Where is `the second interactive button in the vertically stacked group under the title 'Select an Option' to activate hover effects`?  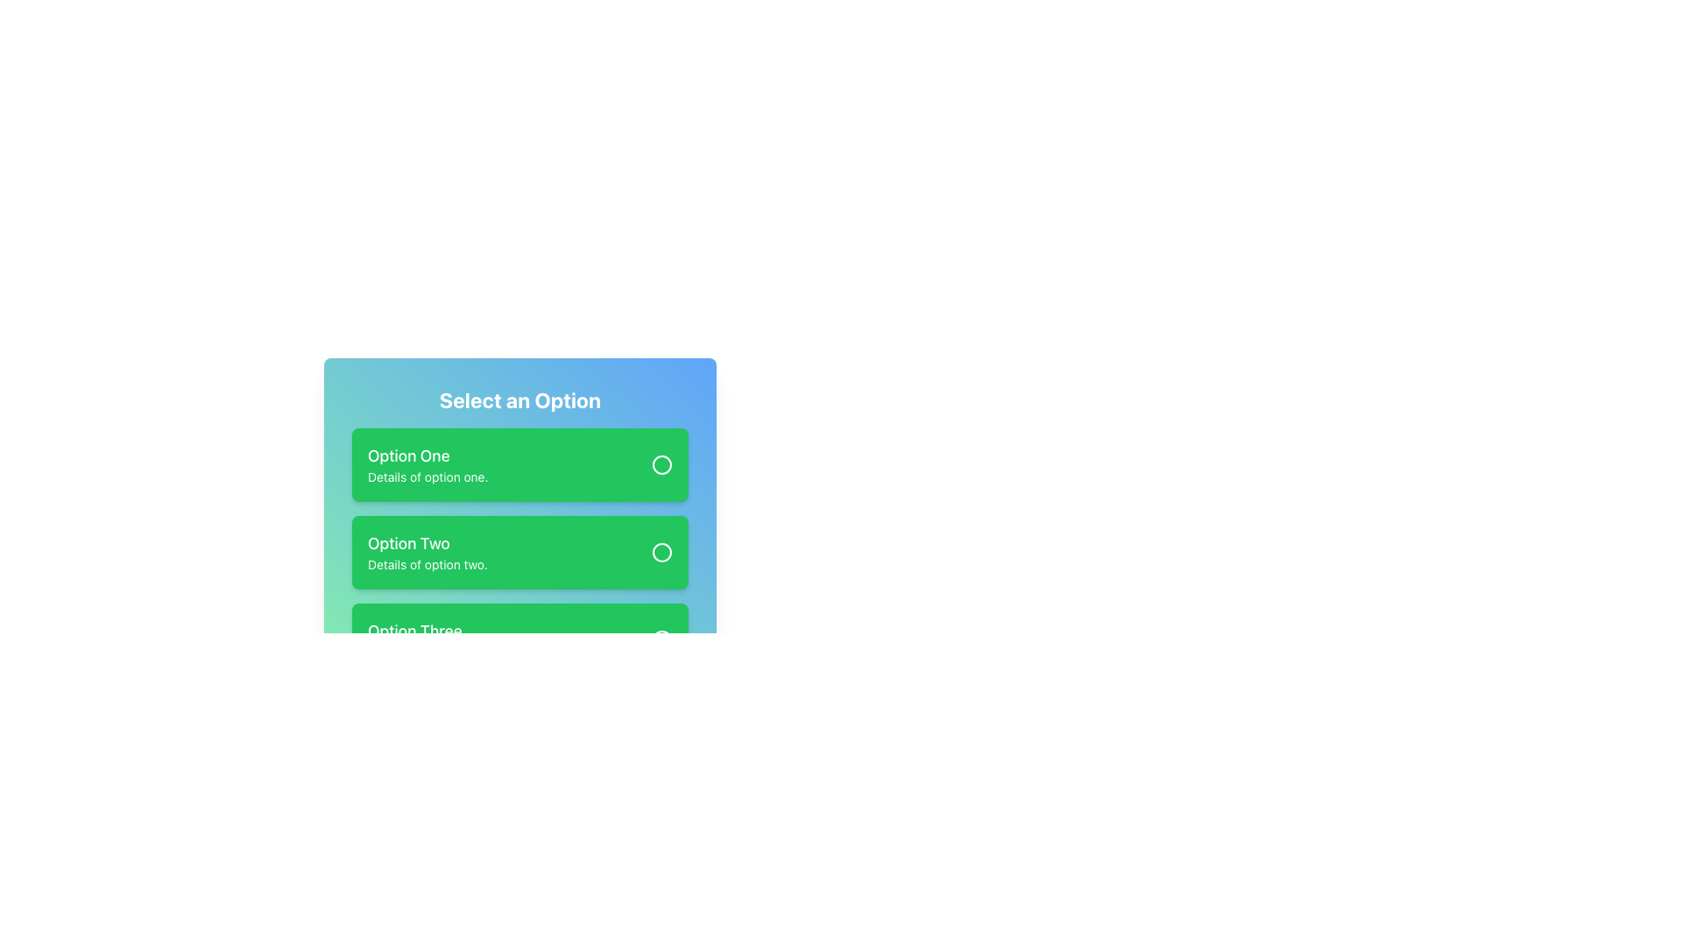 the second interactive button in the vertically stacked group under the title 'Select an Option' to activate hover effects is located at coordinates (519, 530).